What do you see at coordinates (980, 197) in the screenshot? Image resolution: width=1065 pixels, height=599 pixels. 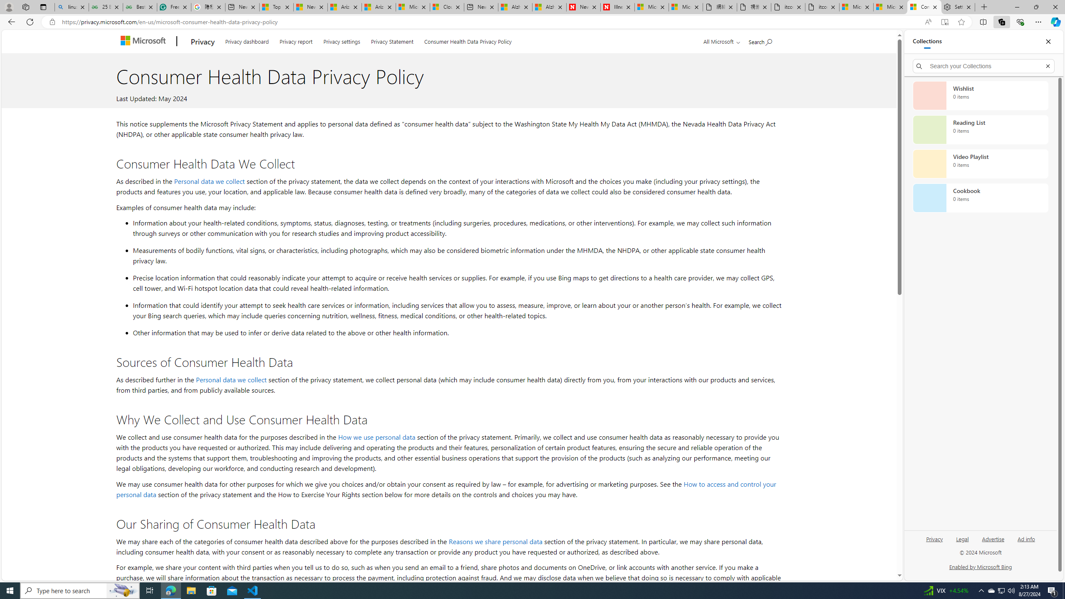 I see `'Cookbook collection, 0 items'` at bounding box center [980, 197].